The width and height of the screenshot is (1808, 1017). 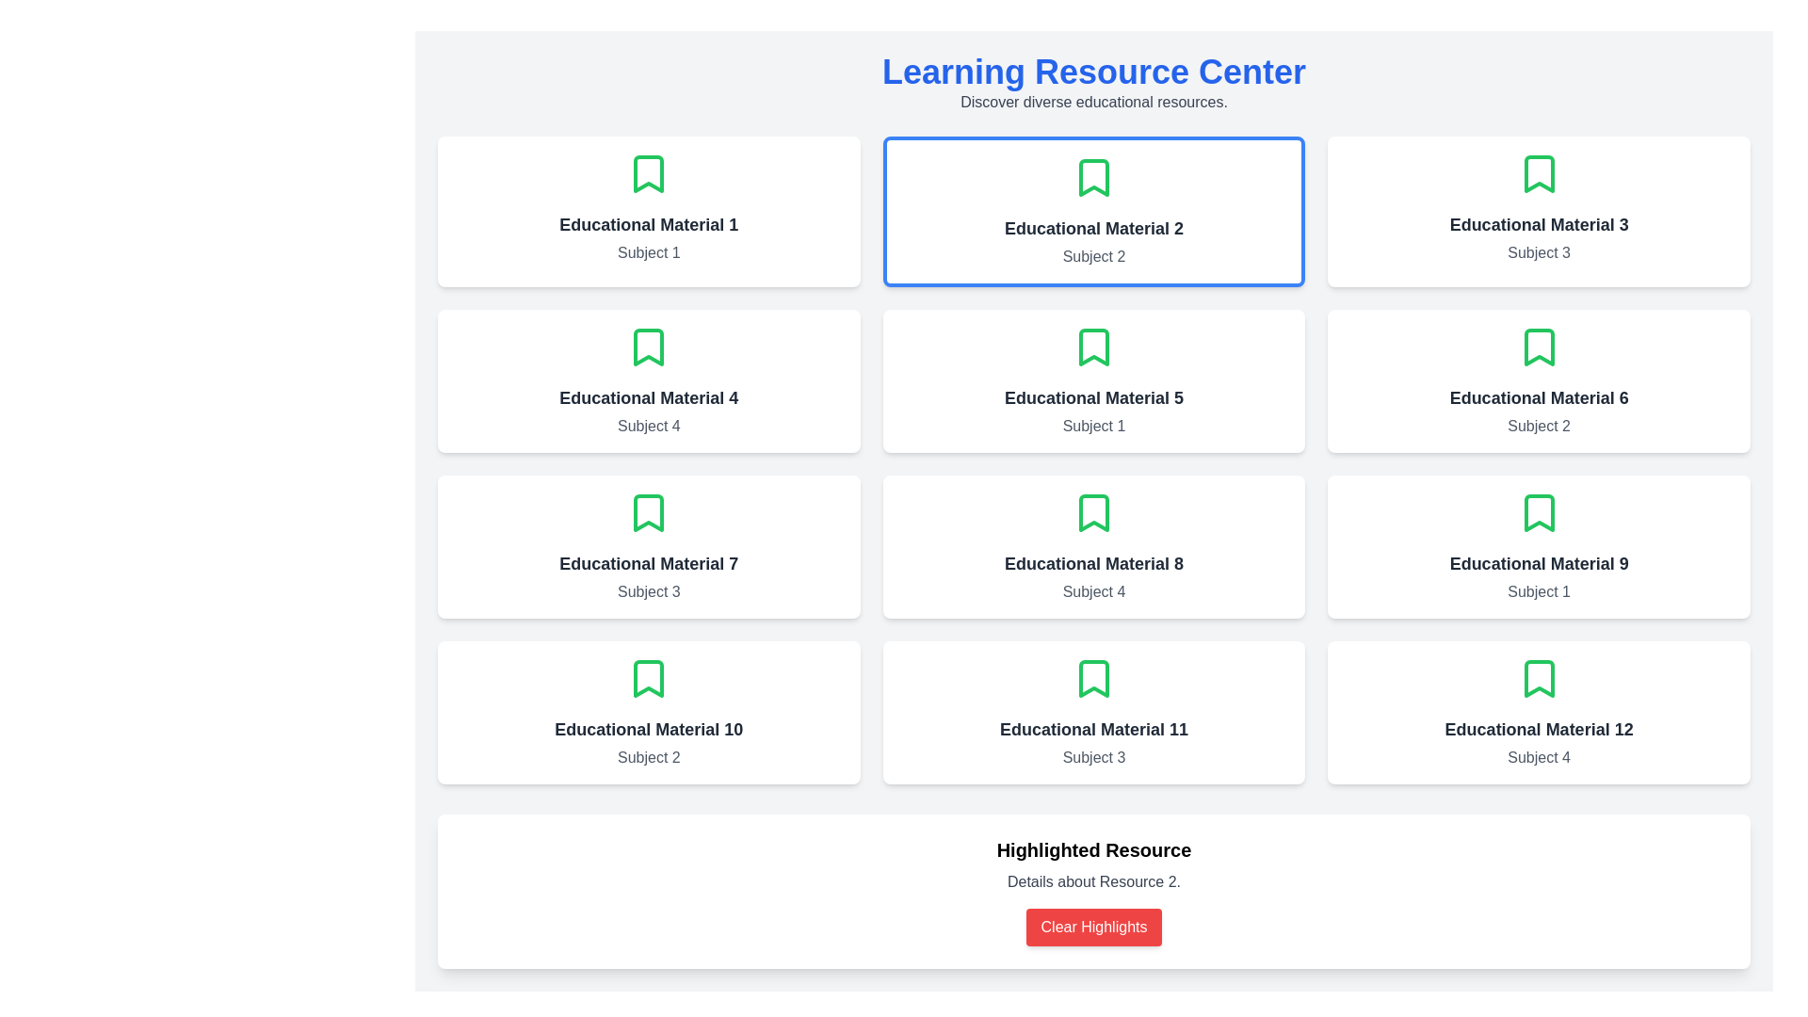 I want to click on text label located at the bottom of the educational material card in the third column of the second row, so click(x=1093, y=426).